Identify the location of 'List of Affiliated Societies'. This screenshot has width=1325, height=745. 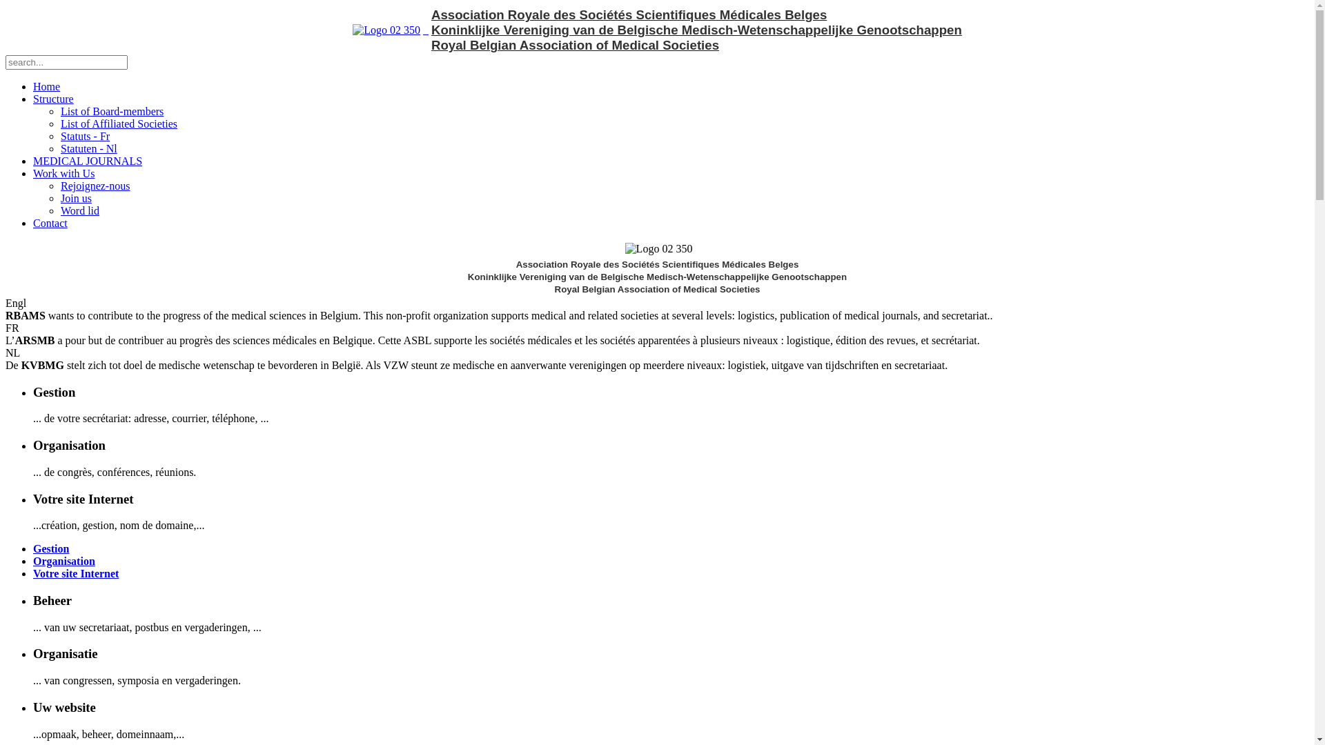
(59, 123).